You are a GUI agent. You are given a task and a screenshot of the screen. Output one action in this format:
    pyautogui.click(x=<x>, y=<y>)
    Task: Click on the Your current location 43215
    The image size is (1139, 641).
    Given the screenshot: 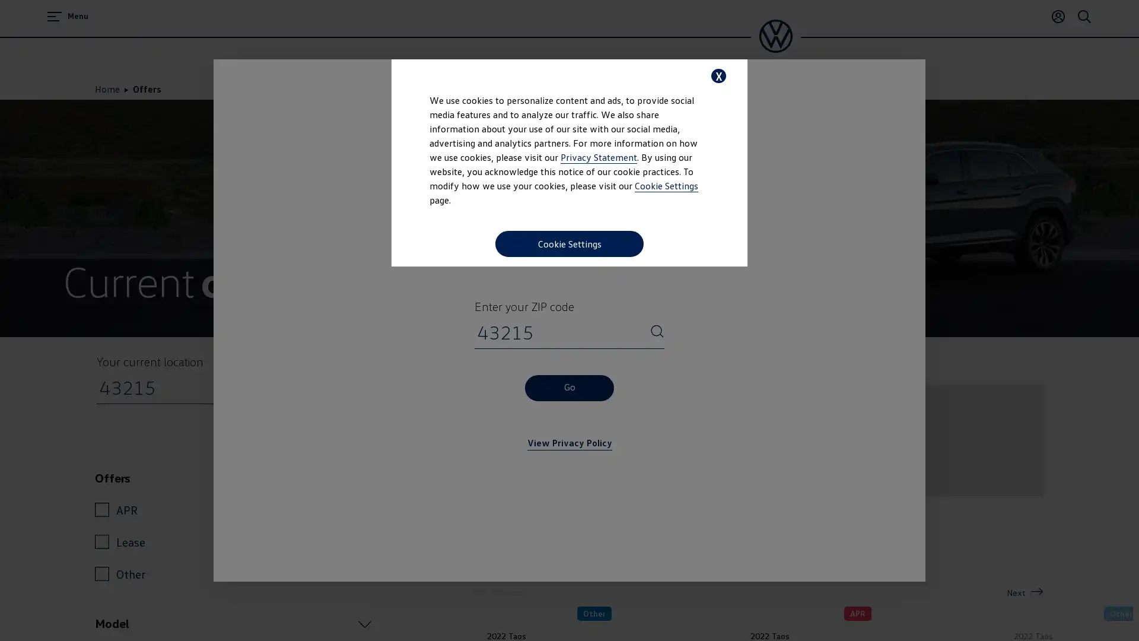 What is the action you would take?
    pyautogui.click(x=362, y=387)
    